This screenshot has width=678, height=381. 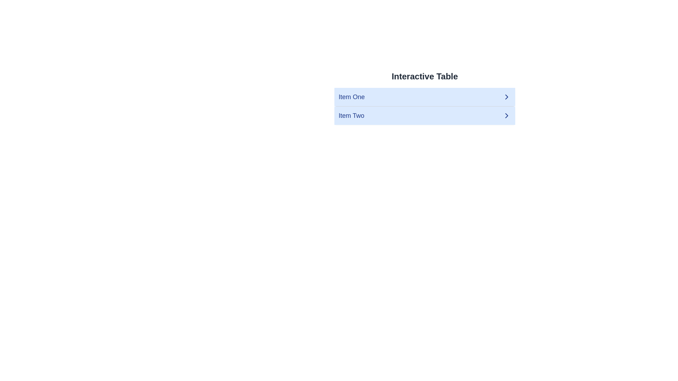 What do you see at coordinates (424, 97) in the screenshot?
I see `the first list item titled 'Item One' within the 'Interactive Table'` at bounding box center [424, 97].